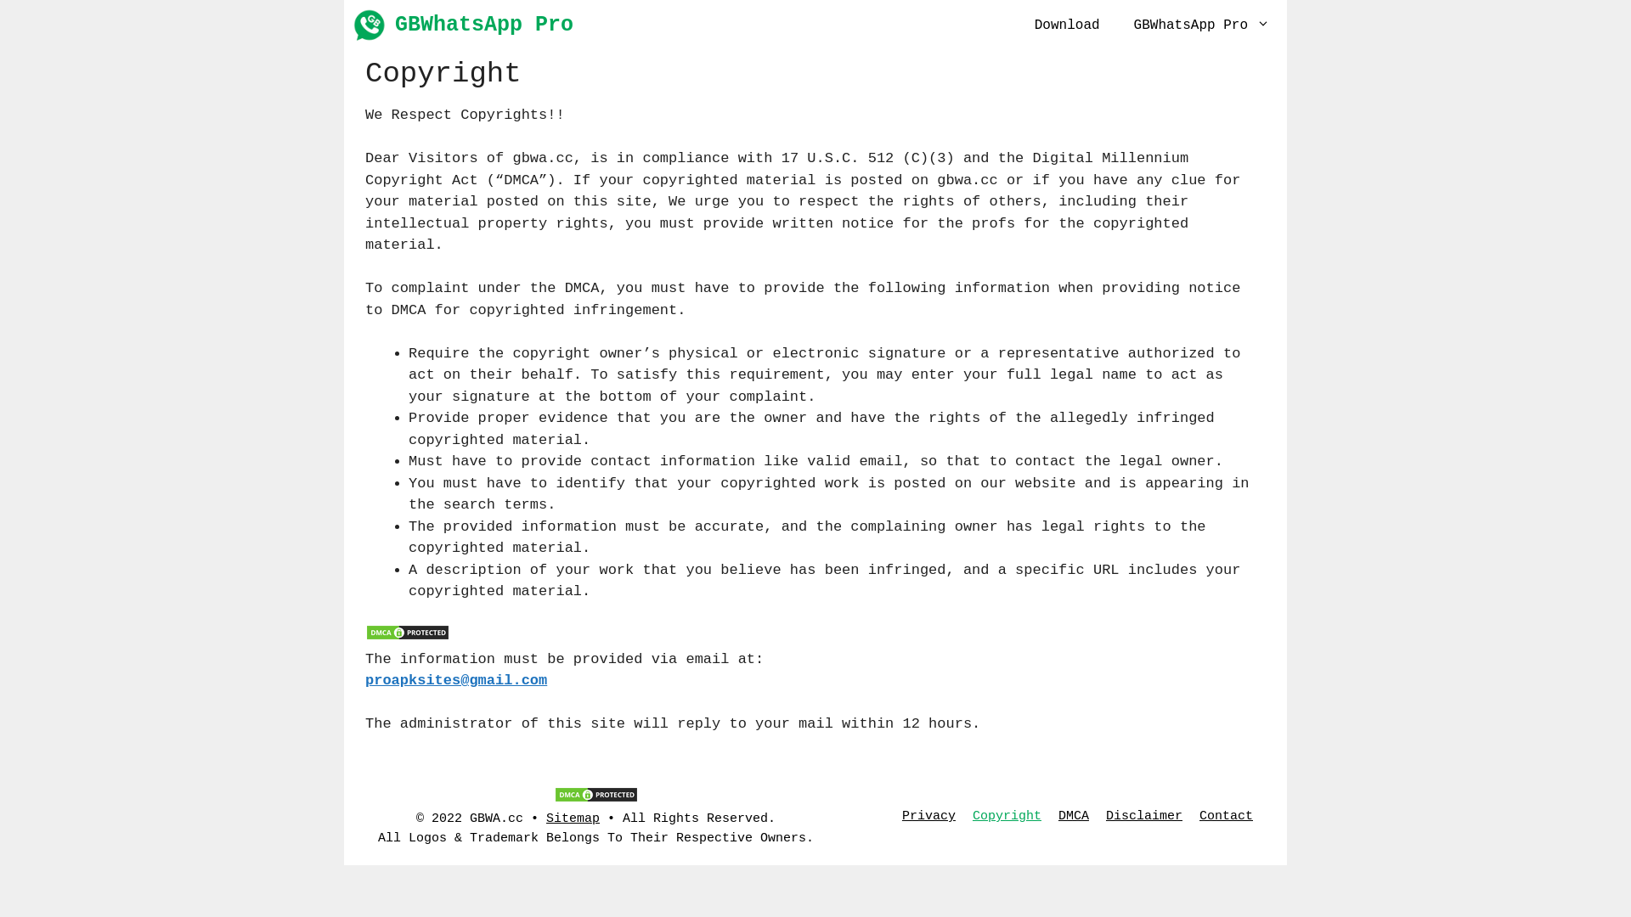 The height and width of the screenshot is (917, 1631). What do you see at coordinates (1144, 815) in the screenshot?
I see `'Disclaimer'` at bounding box center [1144, 815].